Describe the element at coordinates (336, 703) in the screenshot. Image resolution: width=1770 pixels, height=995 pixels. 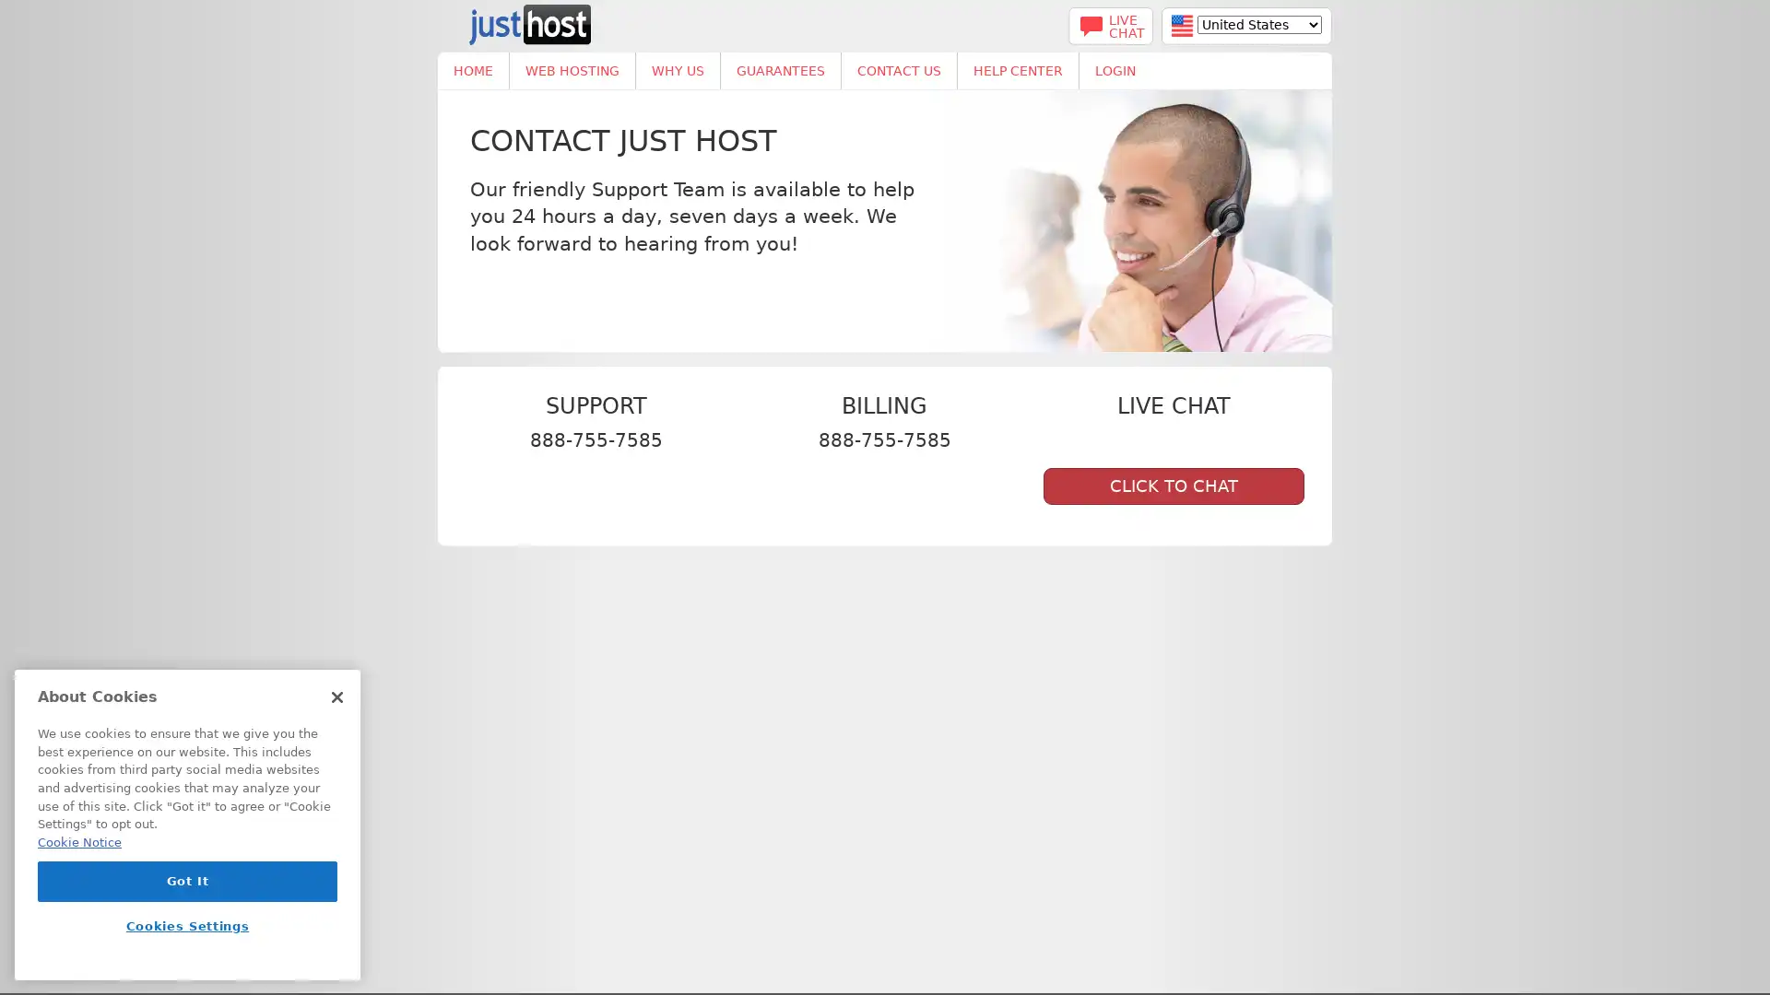
I see `Close` at that location.